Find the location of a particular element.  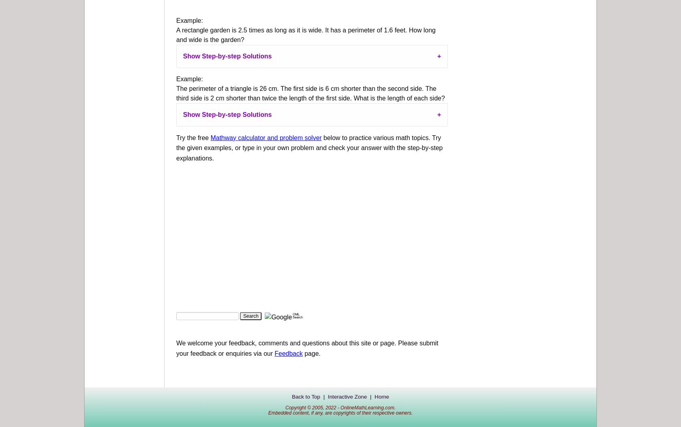

'Mathway calculator and
problem solver' is located at coordinates (266, 137).